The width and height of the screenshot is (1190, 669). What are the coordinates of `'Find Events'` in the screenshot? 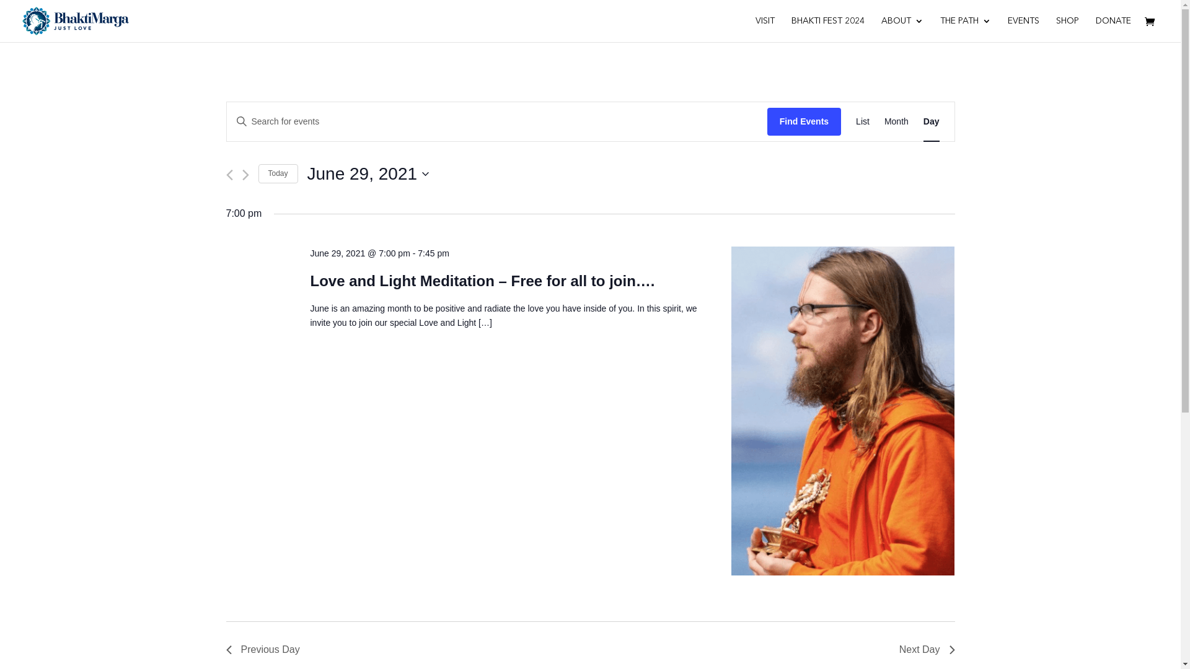 It's located at (804, 121).